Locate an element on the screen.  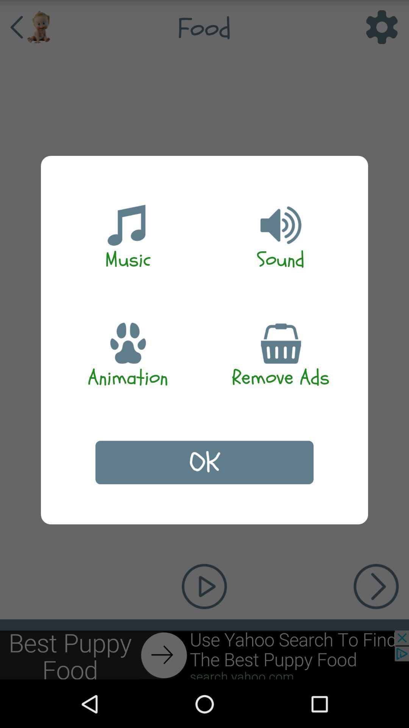
ok icon is located at coordinates (204, 462).